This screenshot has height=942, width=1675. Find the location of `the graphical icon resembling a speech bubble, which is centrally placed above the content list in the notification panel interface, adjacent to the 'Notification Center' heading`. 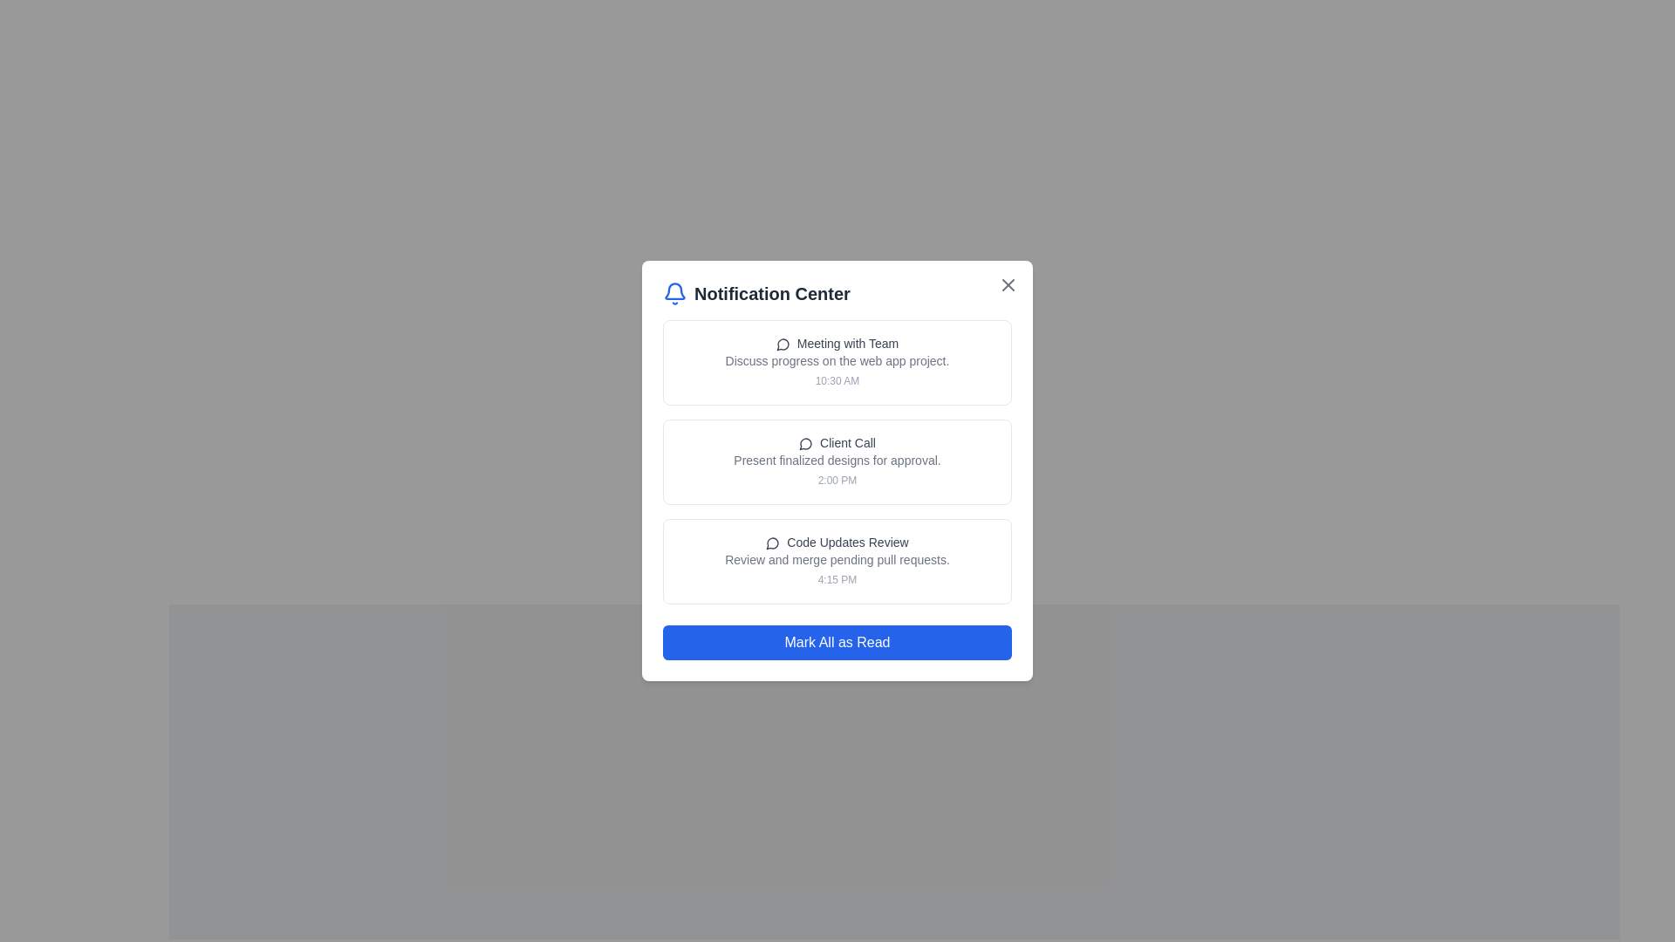

the graphical icon resembling a speech bubble, which is centrally placed above the content list in the notification panel interface, adjacent to the 'Notification Center' heading is located at coordinates (782, 345).